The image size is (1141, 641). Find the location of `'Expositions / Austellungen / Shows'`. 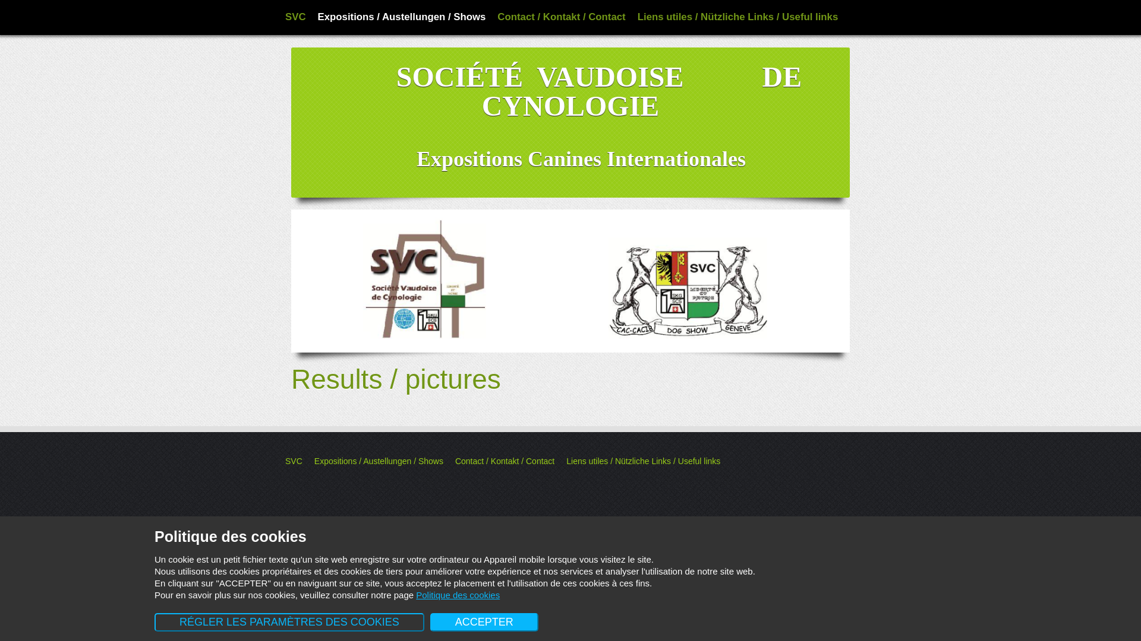

'Expositions / Austellungen / Shows' is located at coordinates (378, 460).